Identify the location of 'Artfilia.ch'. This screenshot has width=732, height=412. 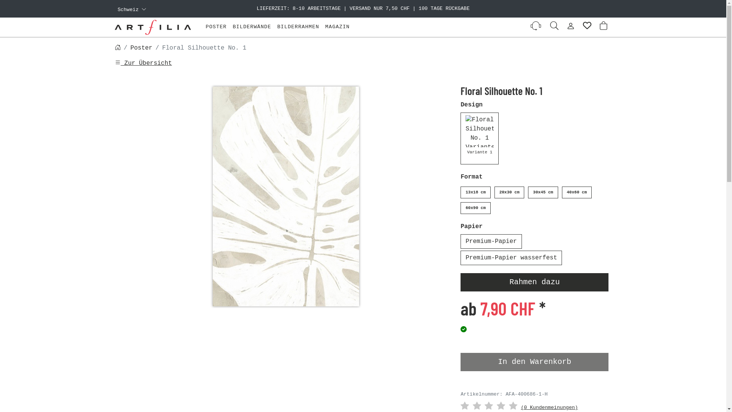
(114, 27).